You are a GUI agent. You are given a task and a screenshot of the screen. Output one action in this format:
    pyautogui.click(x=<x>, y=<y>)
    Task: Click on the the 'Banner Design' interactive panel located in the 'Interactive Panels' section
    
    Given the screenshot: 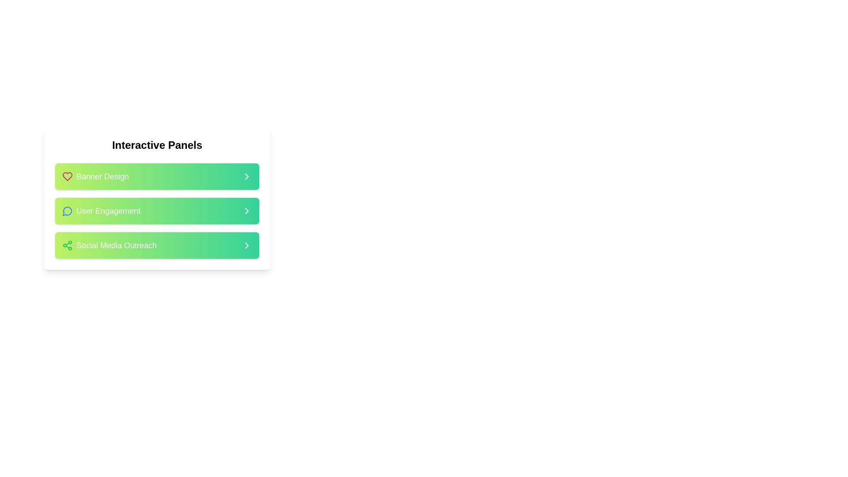 What is the action you would take?
    pyautogui.click(x=157, y=177)
    